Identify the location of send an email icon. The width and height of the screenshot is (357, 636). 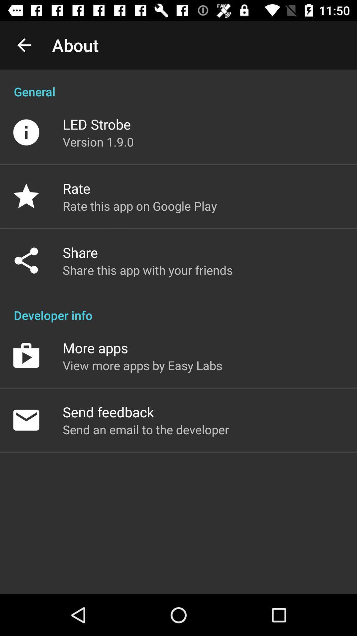
(145, 429).